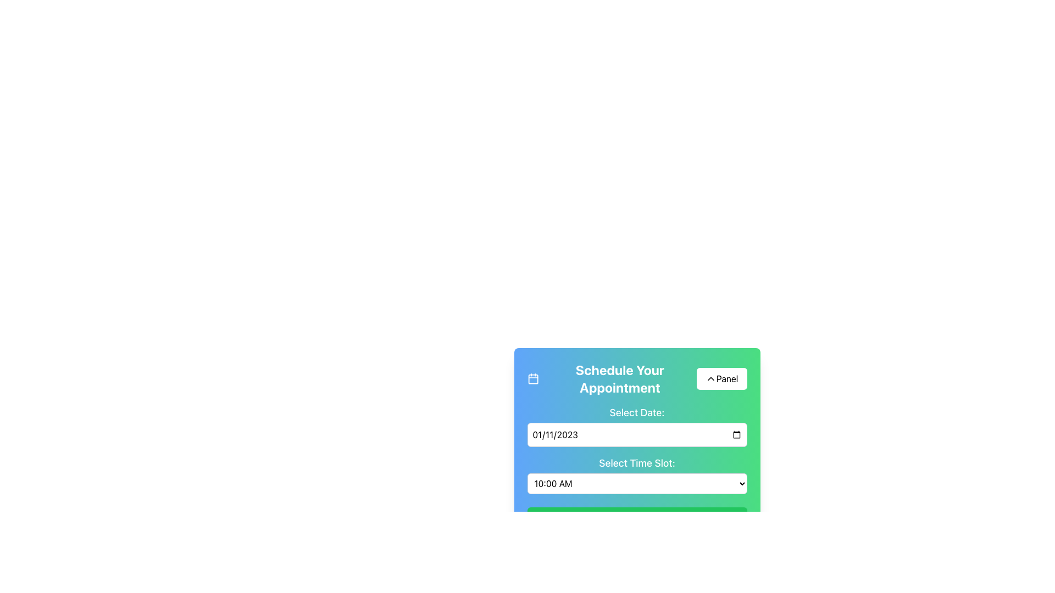  What do you see at coordinates (637, 474) in the screenshot?
I see `the dropdown menu labeled 'Select Time Slot:'` at bounding box center [637, 474].